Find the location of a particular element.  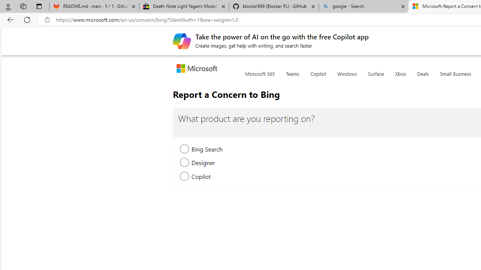

'Bing Search, new section will be expanded' is located at coordinates (185, 150).